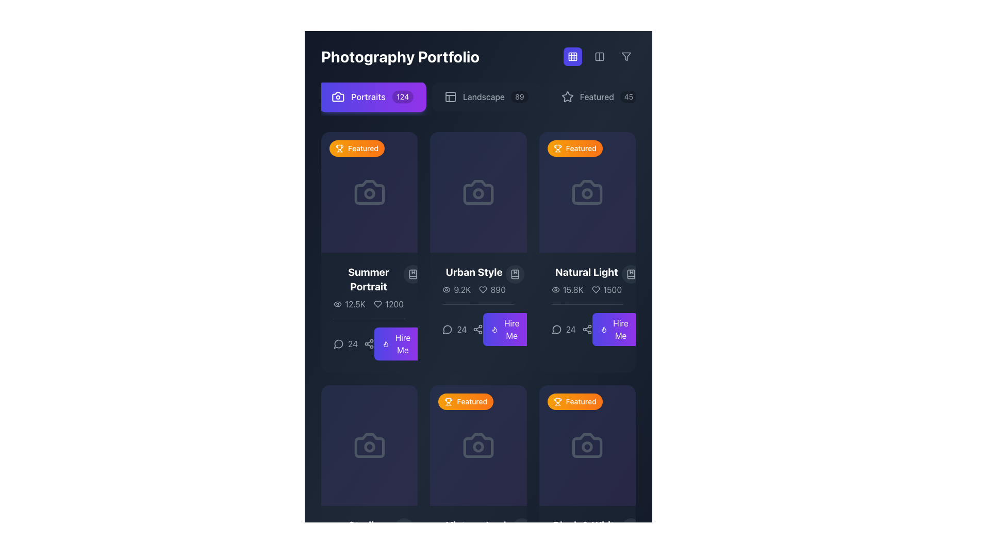  Describe the element at coordinates (557, 149) in the screenshot. I see `the 'Featured' badge icon located at the top-left area of the first card in the second row of the grid layout to interact with the associated card` at that location.